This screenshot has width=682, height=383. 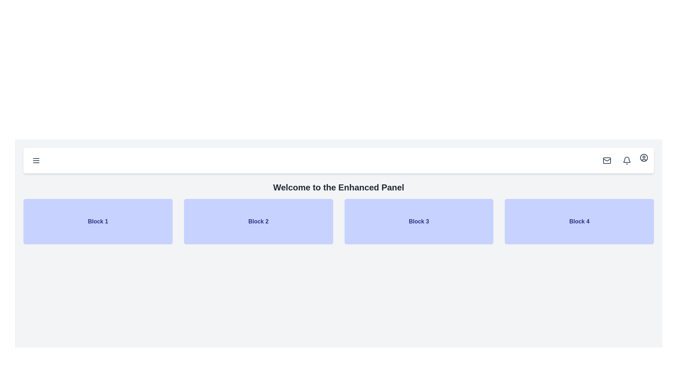 I want to click on the labeled block 'Block 3' with a light blue background, so click(x=419, y=221).